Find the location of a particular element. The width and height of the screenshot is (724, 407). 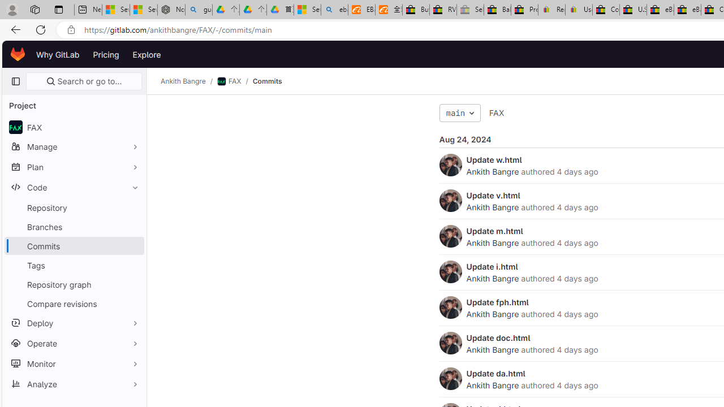

'Commits' is located at coordinates (266, 81).